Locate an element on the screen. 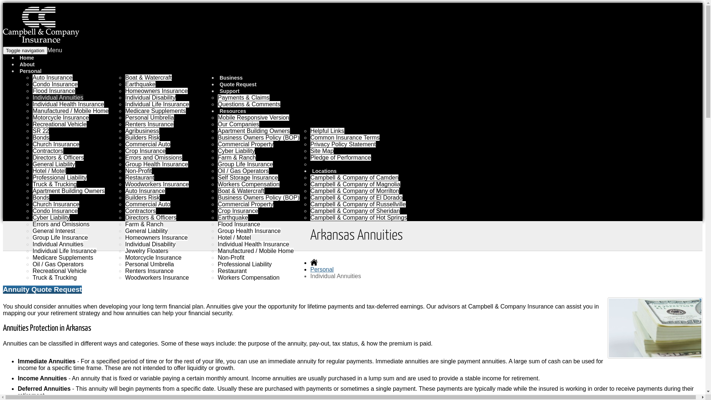  'Site Map' is located at coordinates (322, 150).